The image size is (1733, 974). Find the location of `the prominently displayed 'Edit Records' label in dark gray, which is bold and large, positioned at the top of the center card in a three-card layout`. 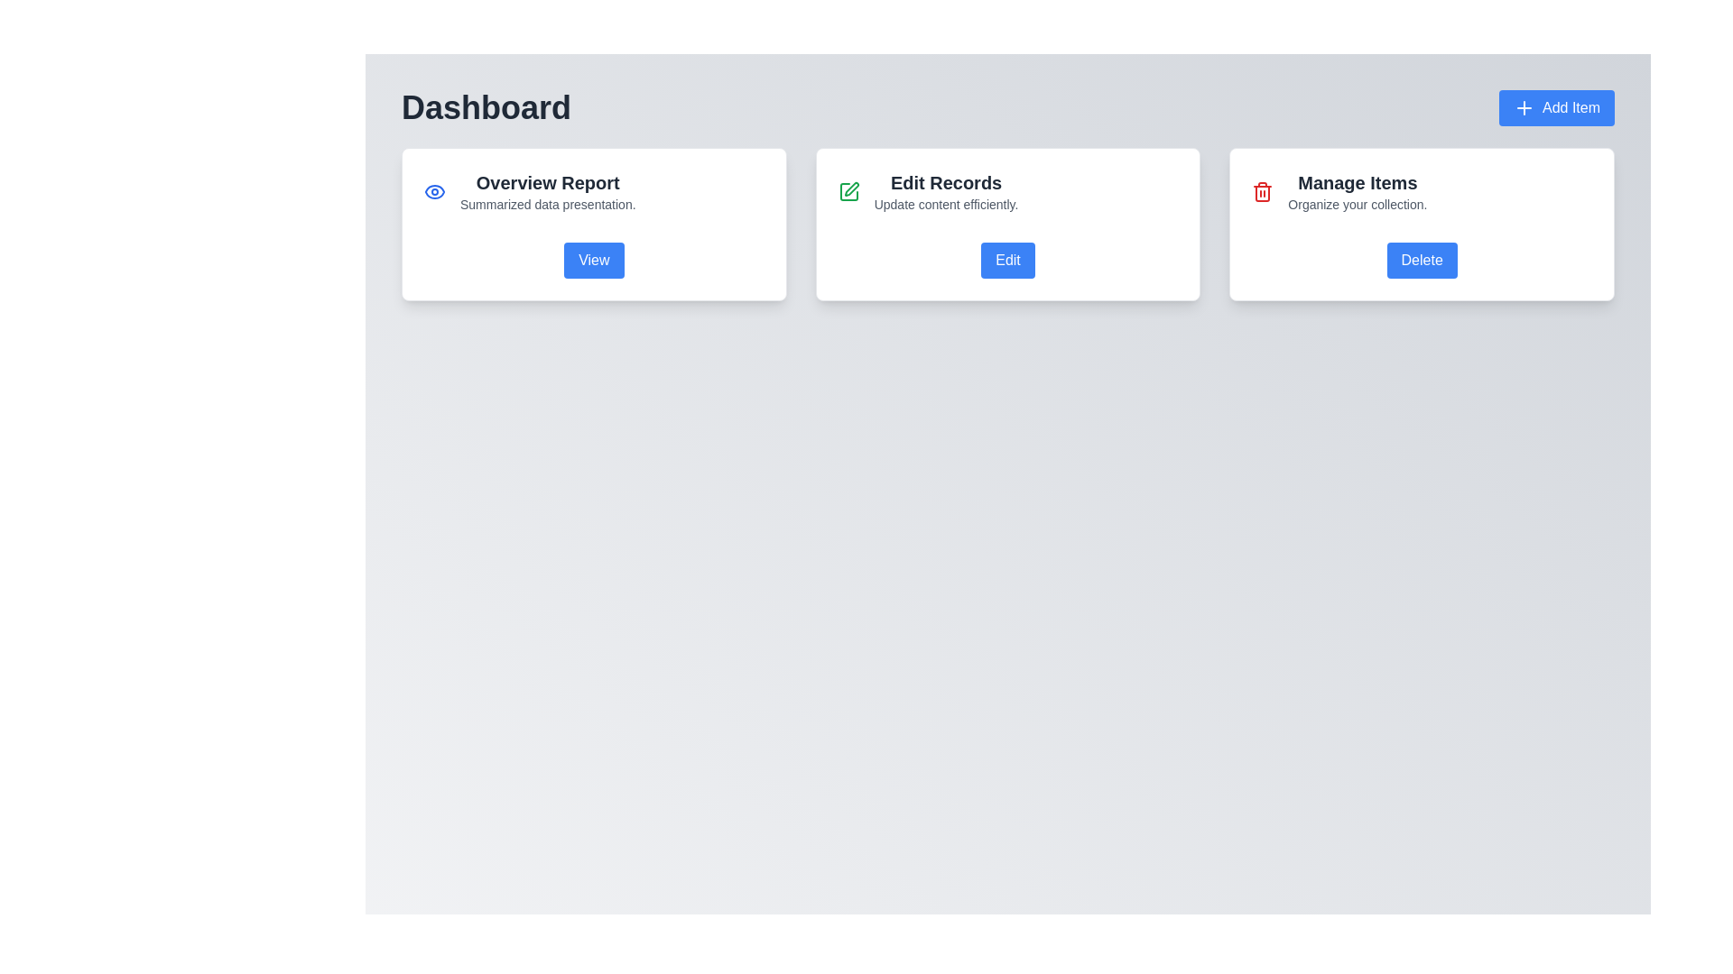

the prominently displayed 'Edit Records' label in dark gray, which is bold and large, positioned at the top of the center card in a three-card layout is located at coordinates (945, 183).